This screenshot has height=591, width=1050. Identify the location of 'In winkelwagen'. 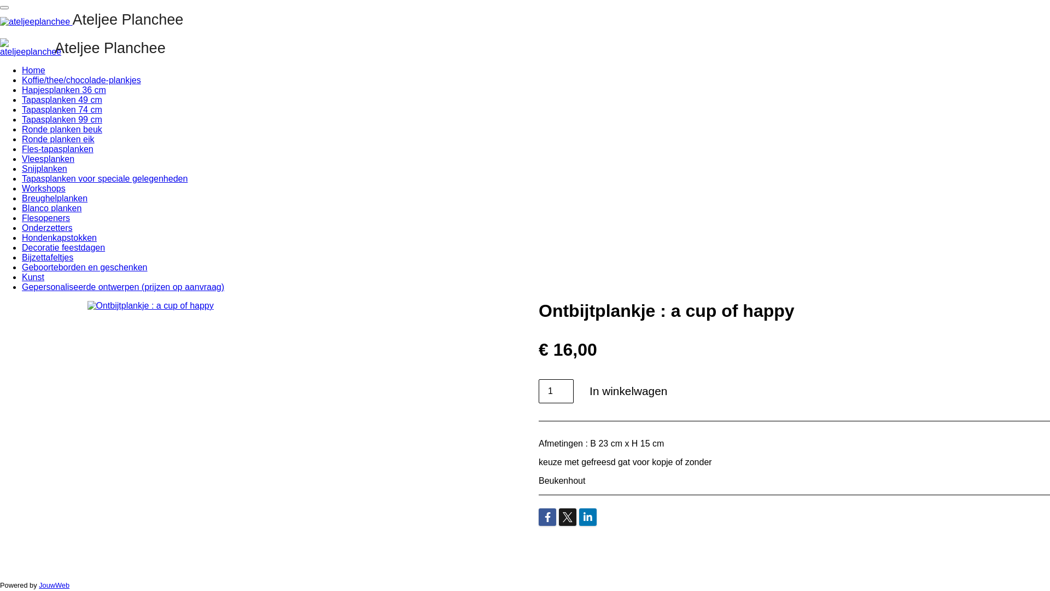
(579, 391).